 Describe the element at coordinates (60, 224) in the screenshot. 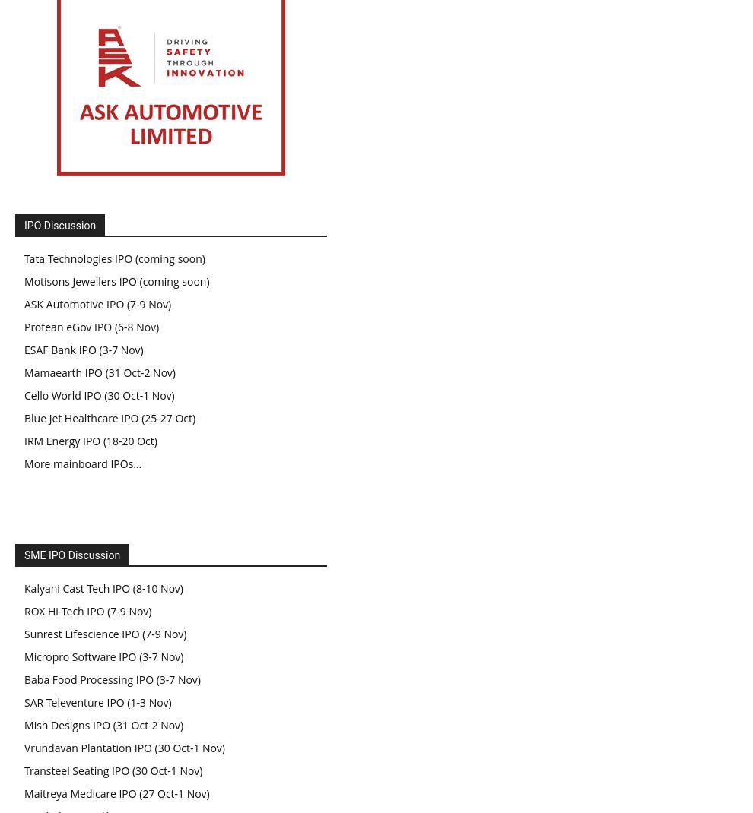

I see `'IPO Discussion'` at that location.